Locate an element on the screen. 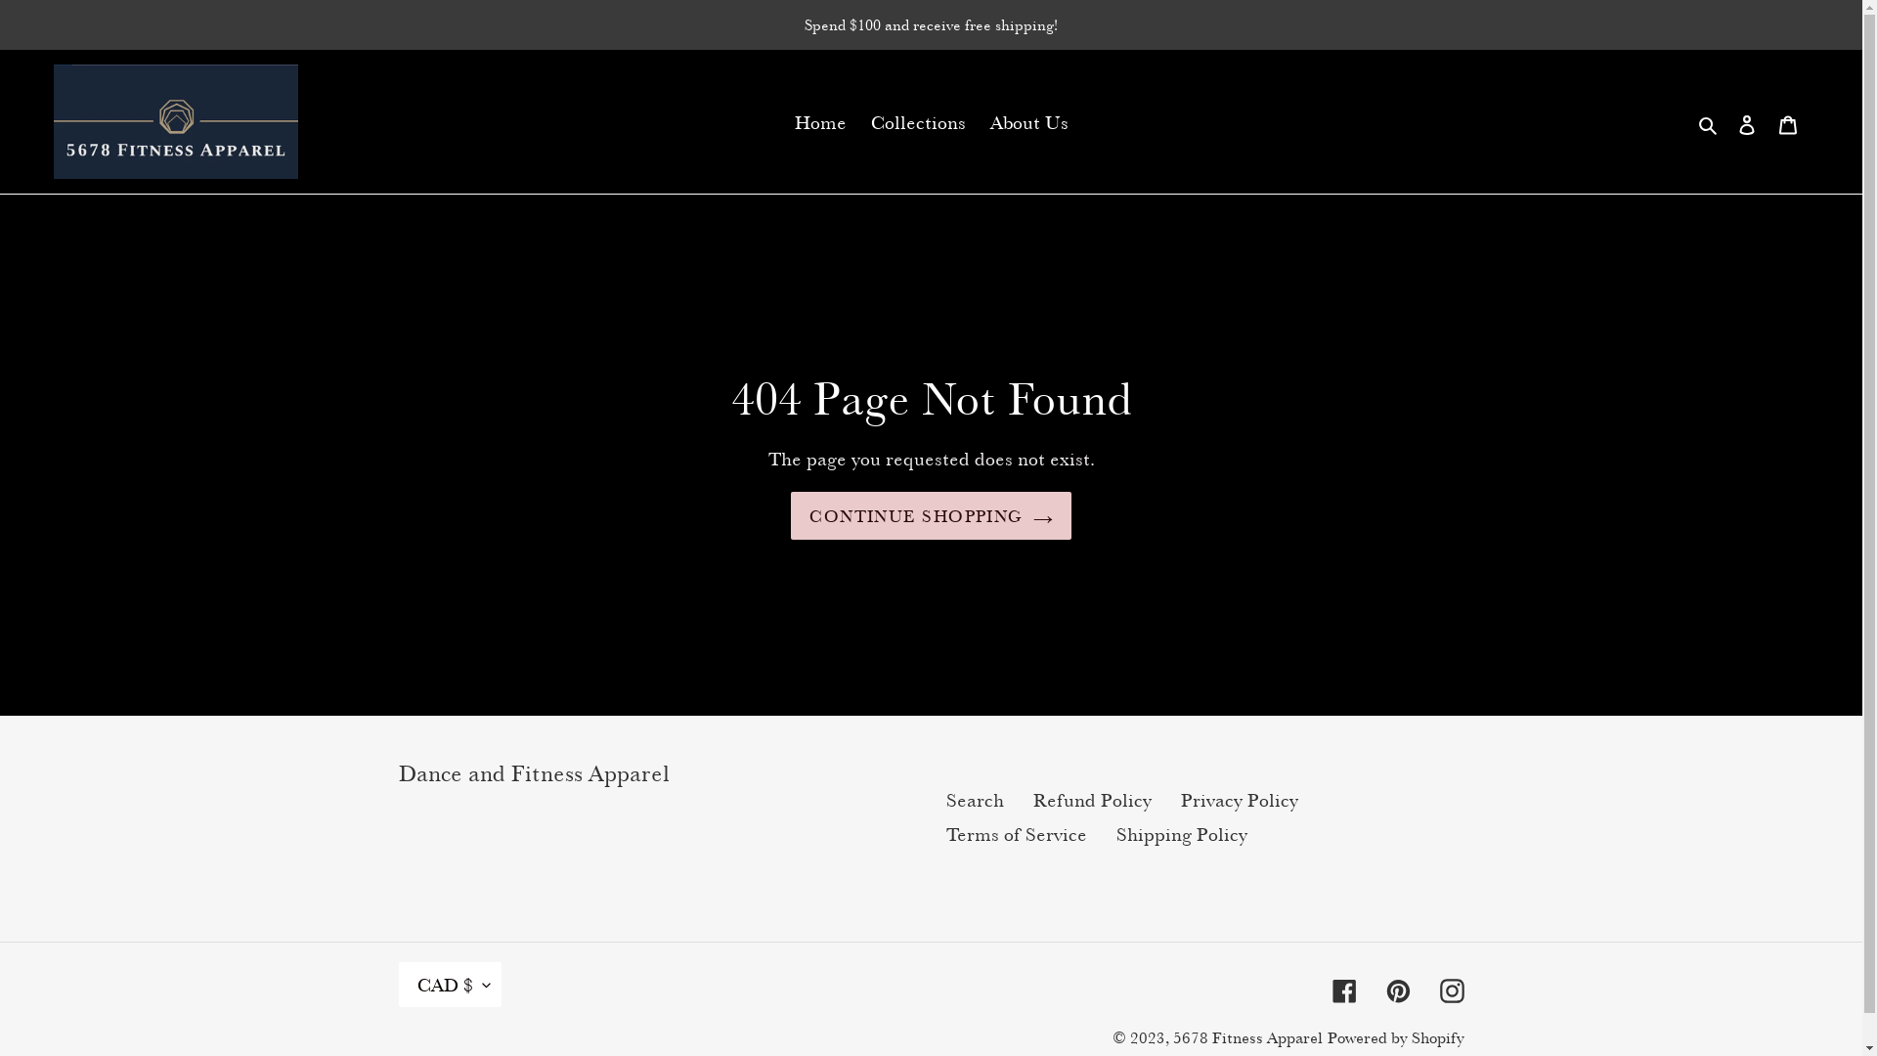  'Cart' is located at coordinates (1787, 121).